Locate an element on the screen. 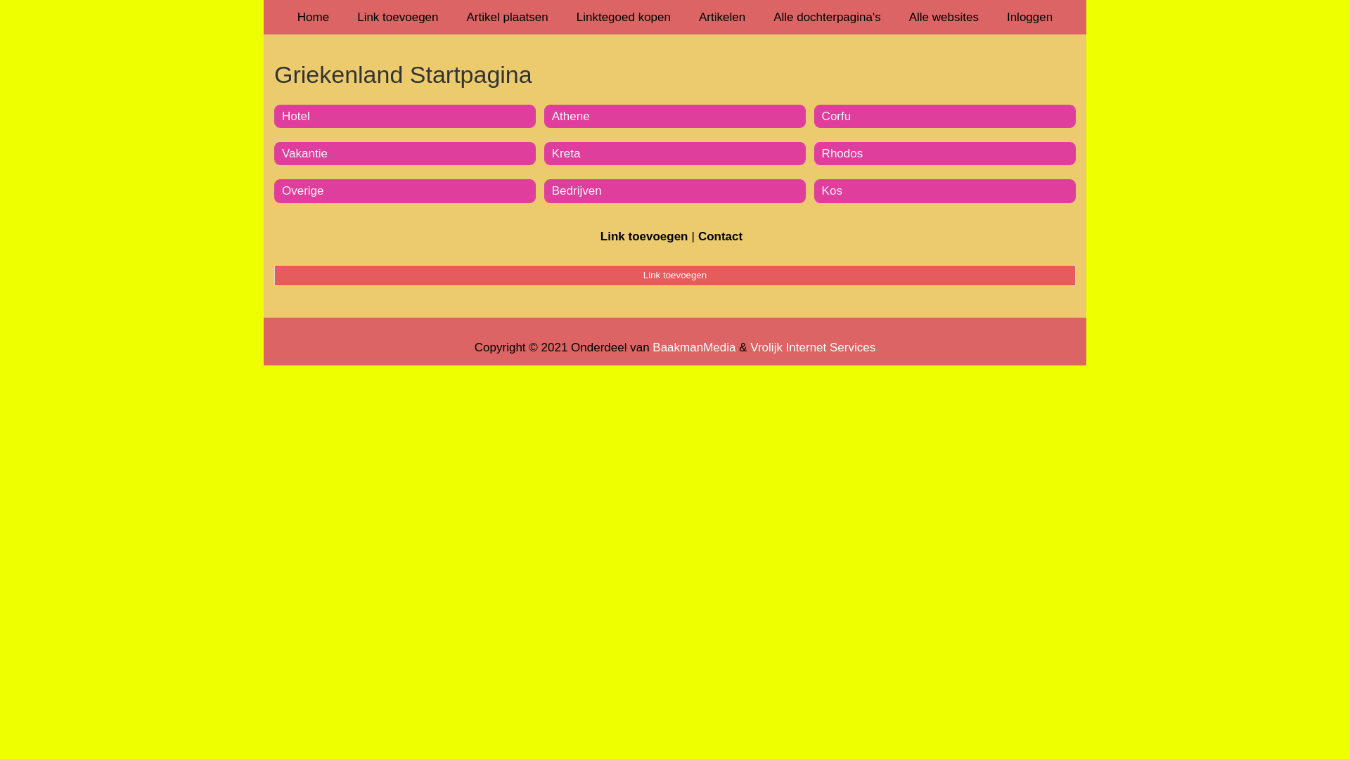  'Inloggen' is located at coordinates (1029, 17).